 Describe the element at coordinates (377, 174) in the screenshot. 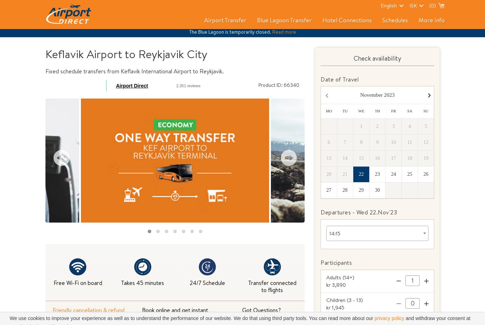

I see `'23'` at that location.